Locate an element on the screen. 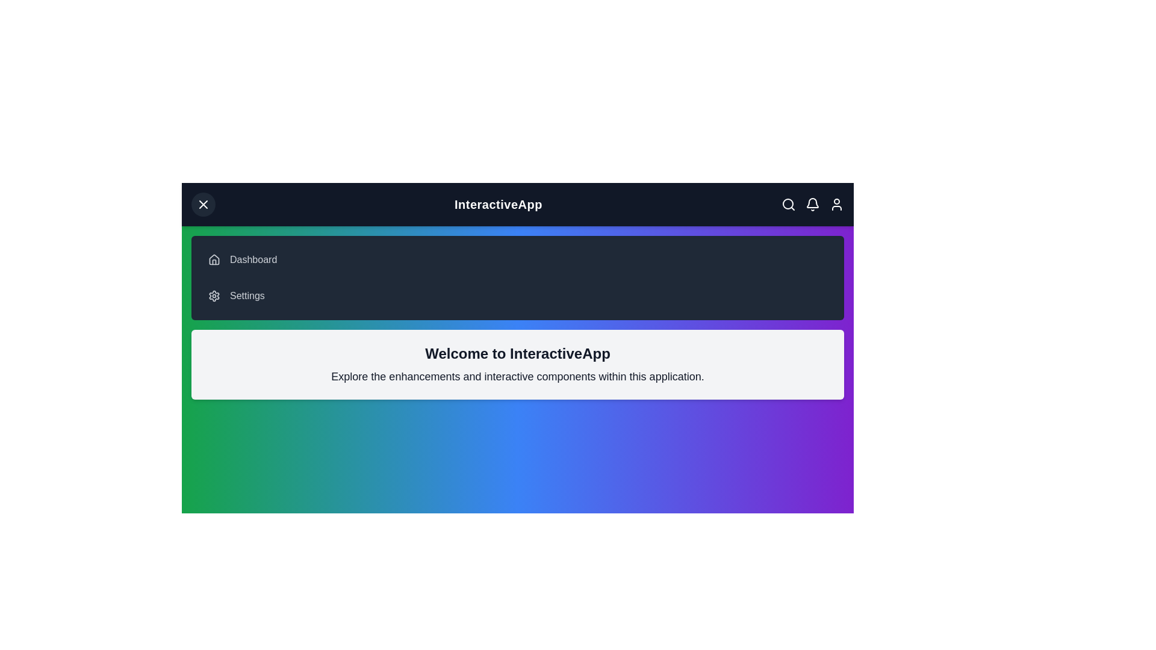 The image size is (1156, 650). the 'Dashboard' menu item in the navigation bar is located at coordinates (253, 259).